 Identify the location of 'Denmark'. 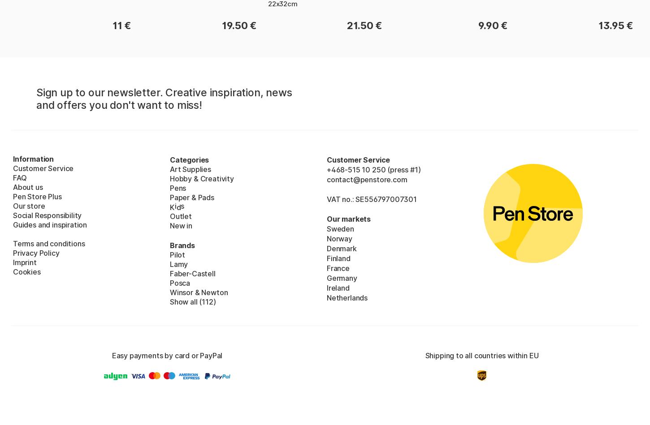
(341, 248).